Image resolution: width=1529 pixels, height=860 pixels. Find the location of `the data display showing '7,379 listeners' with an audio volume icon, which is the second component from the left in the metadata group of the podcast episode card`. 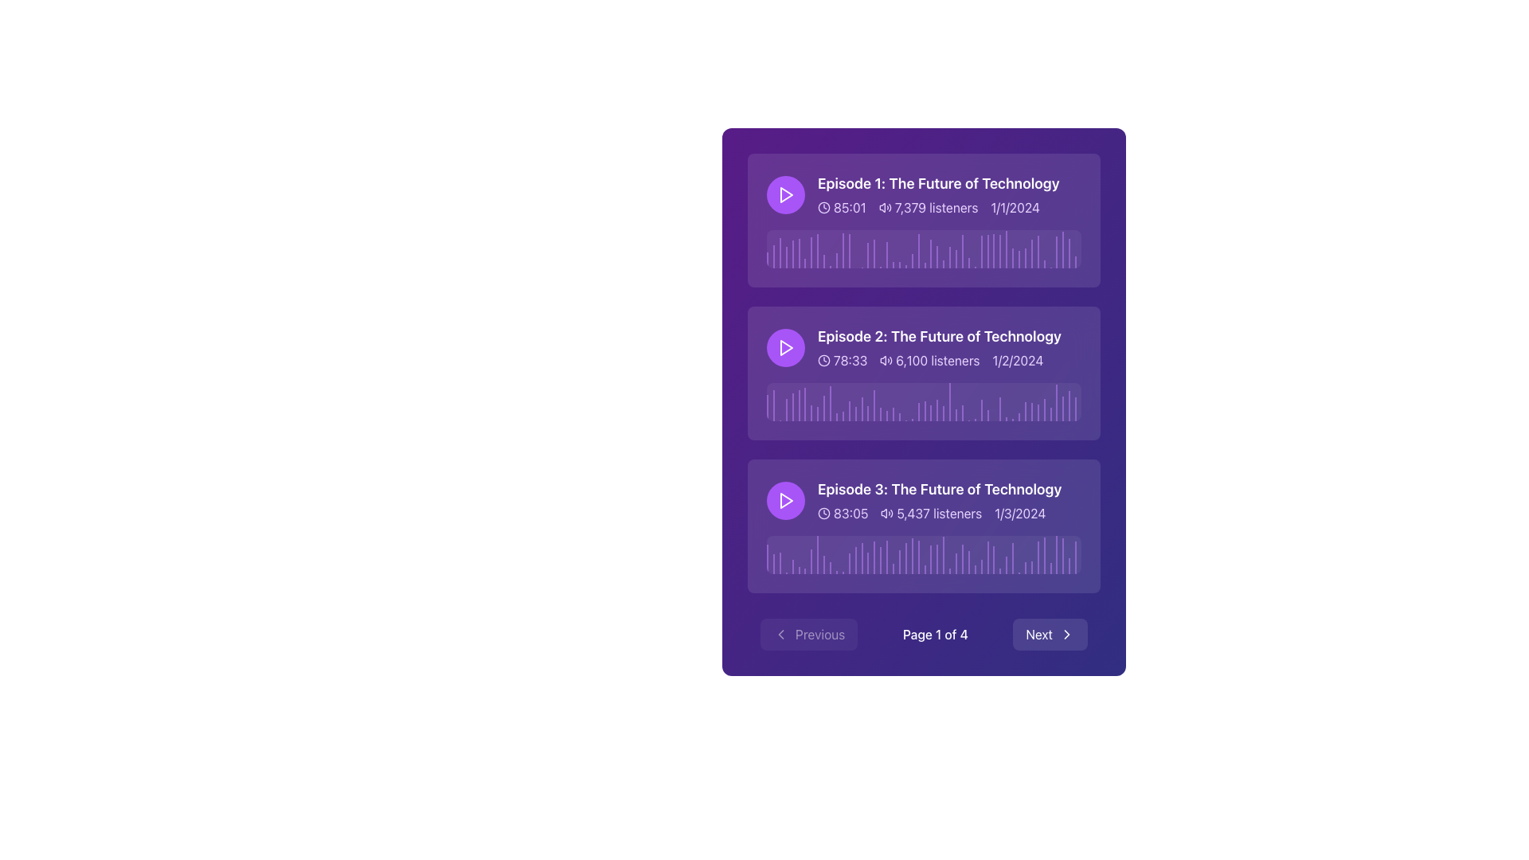

the data display showing '7,379 listeners' with an audio volume icon, which is the second component from the left in the metadata group of the podcast episode card is located at coordinates (929, 207).